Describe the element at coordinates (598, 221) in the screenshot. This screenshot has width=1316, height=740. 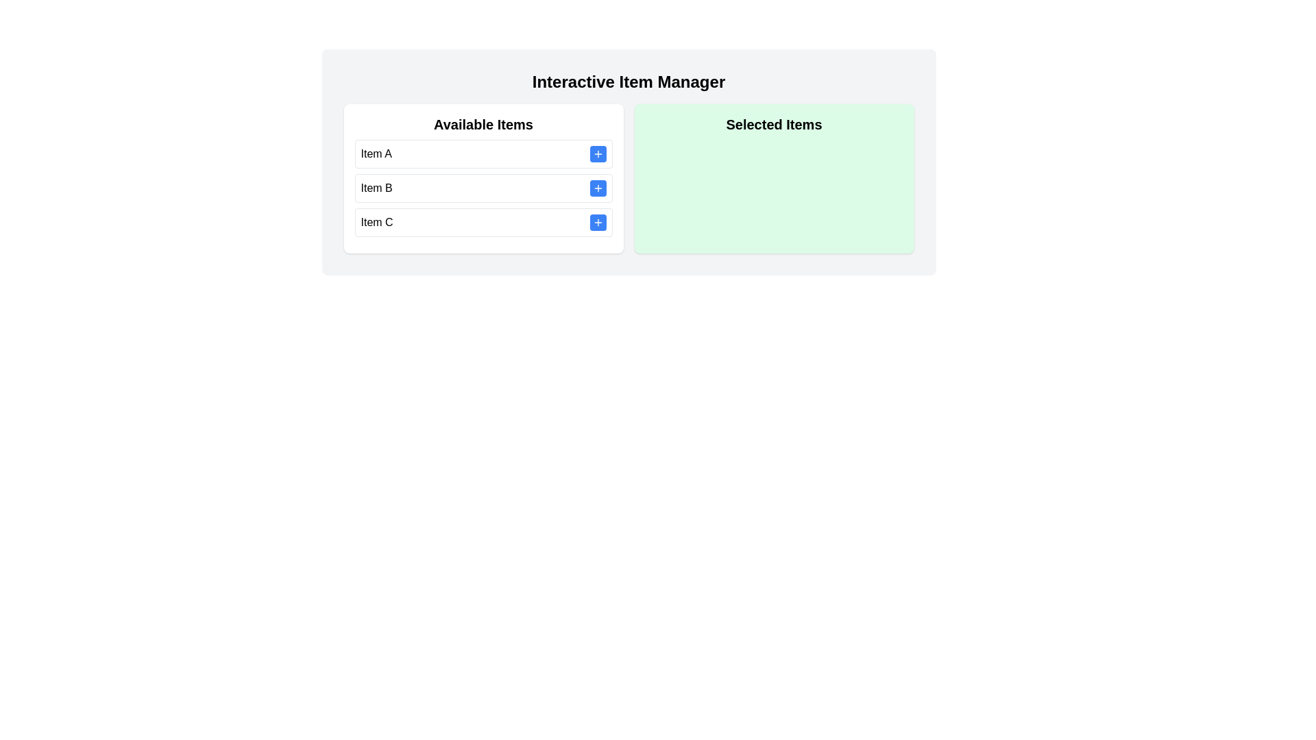
I see `the '+' button with a blue background and white foreground, located next to 'Item C' in the 'Available Items' list` at that location.